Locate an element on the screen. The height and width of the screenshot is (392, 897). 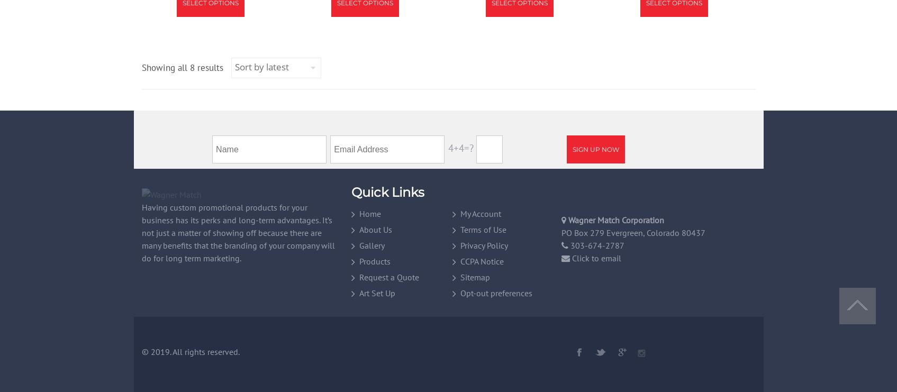
'PO Box 279 Evergreen, Colorado 80437' is located at coordinates (561, 232).